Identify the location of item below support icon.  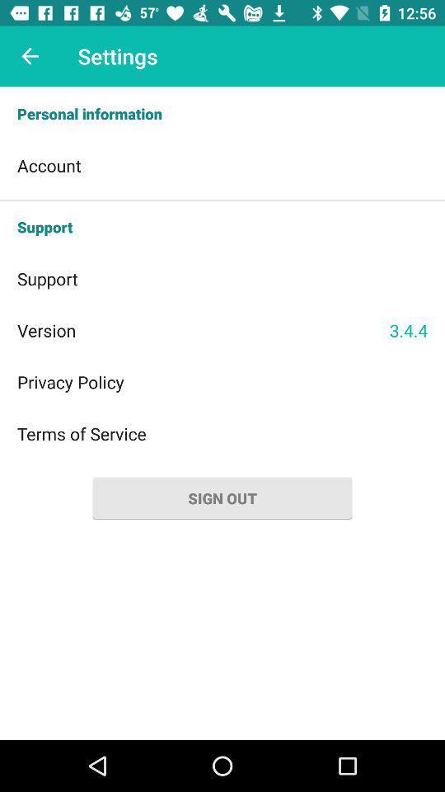
(407, 329).